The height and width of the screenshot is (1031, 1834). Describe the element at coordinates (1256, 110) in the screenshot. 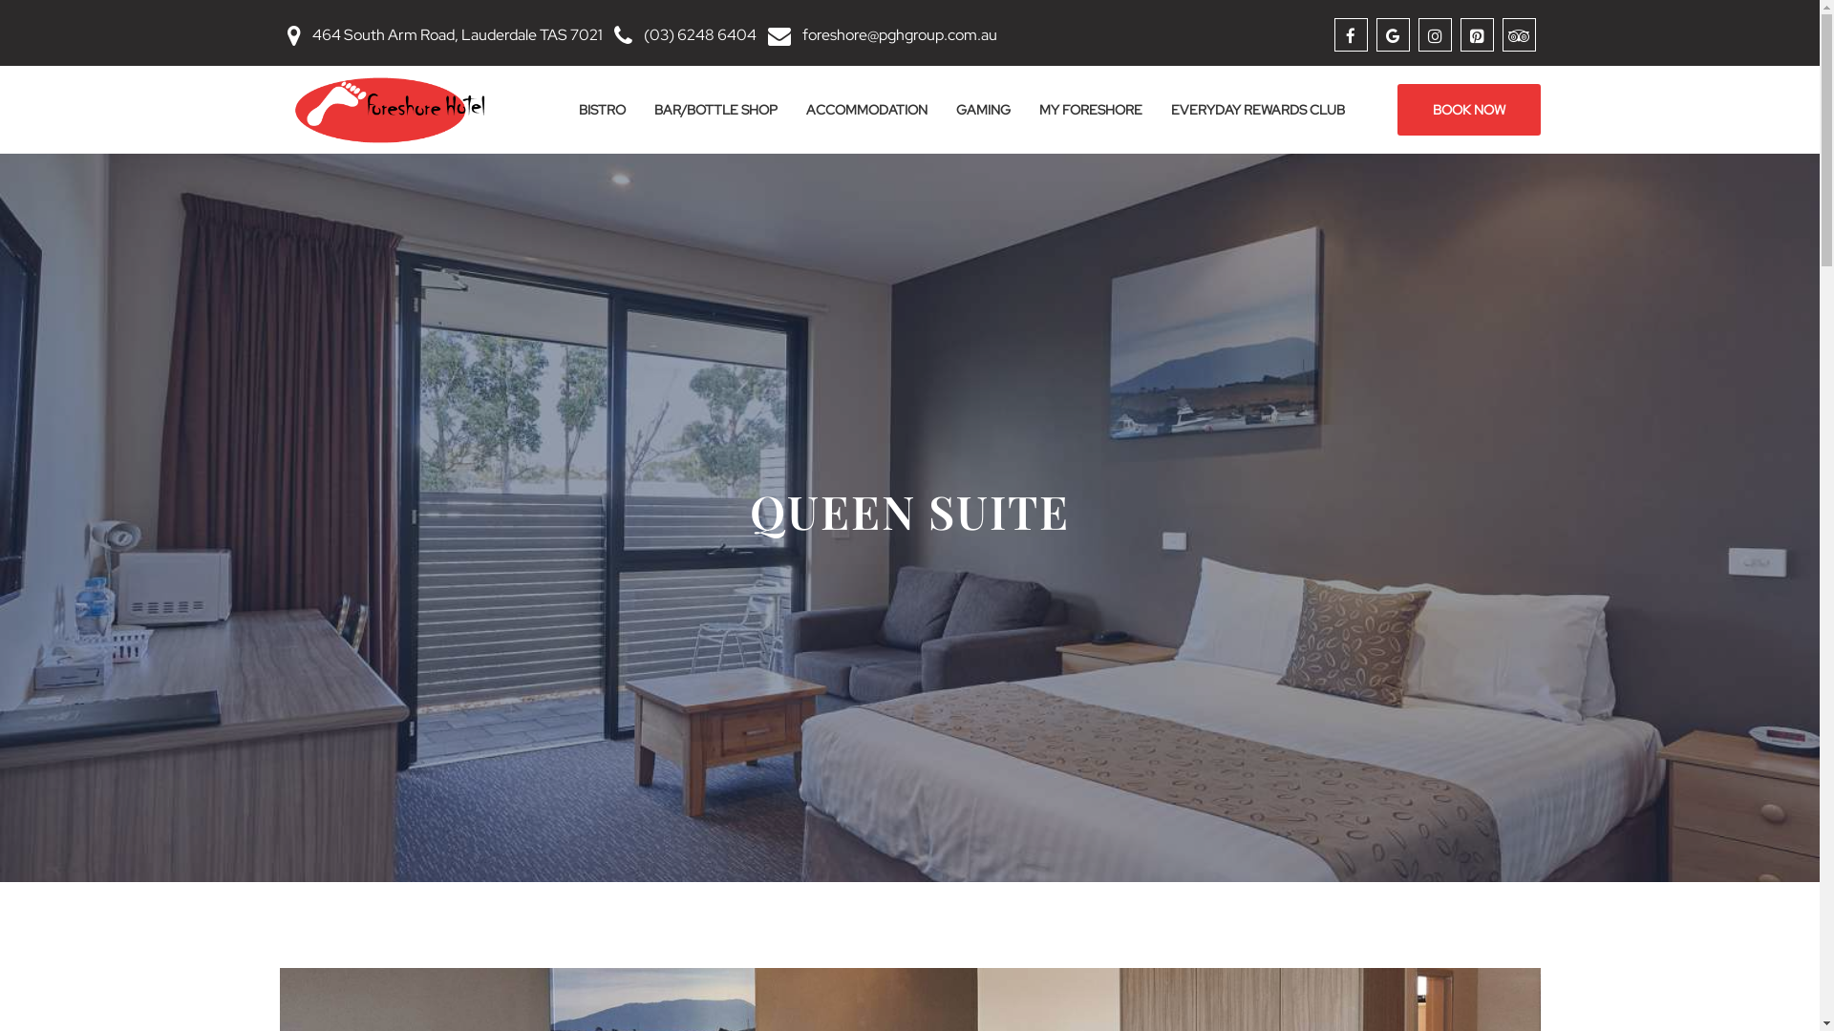

I see `'EVERYDAY REWARDS CLUB` at that location.